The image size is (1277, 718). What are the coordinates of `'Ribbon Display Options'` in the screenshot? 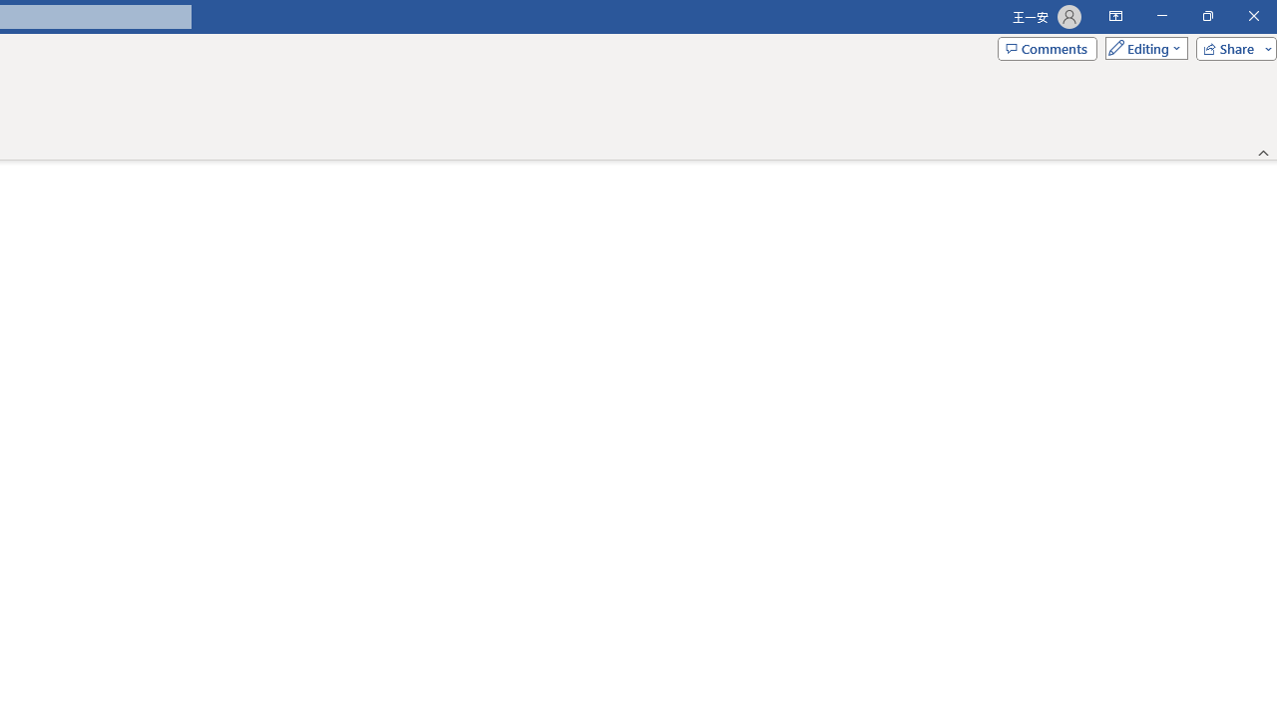 It's located at (1114, 16).